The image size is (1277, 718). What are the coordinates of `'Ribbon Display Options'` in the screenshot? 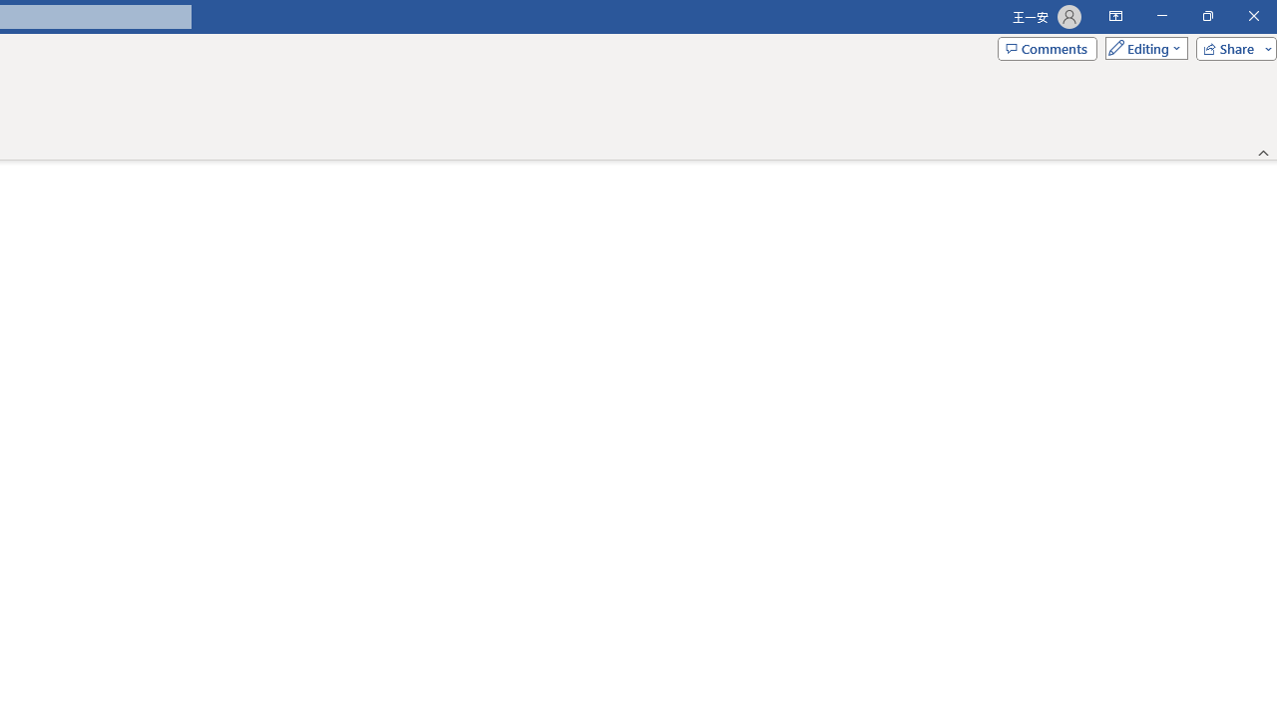 It's located at (1114, 16).